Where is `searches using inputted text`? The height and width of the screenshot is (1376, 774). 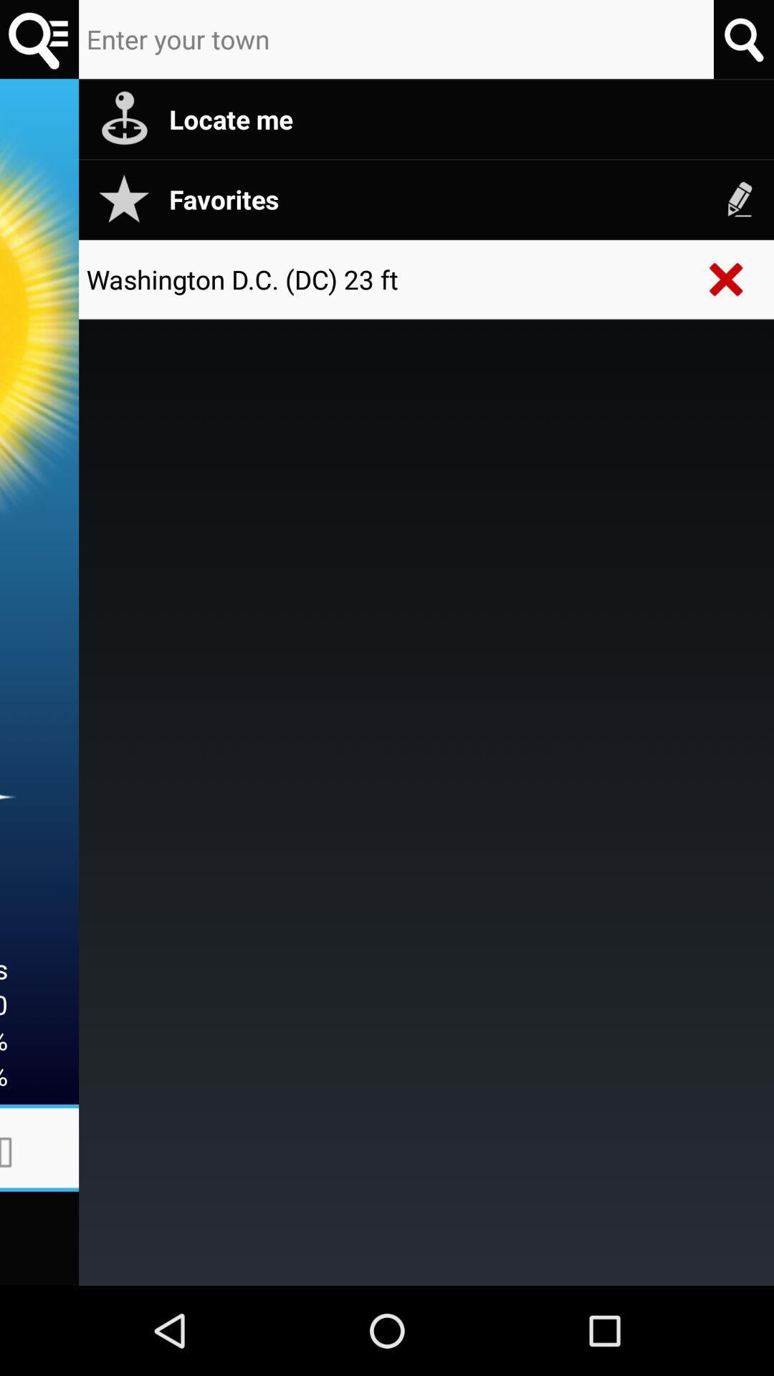 searches using inputted text is located at coordinates (742, 39).